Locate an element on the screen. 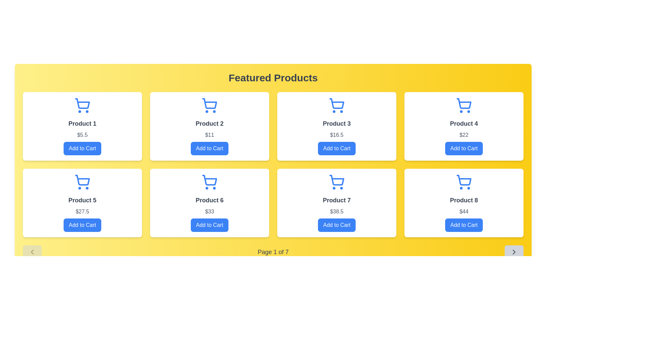 This screenshot has height=363, width=646. the blue shopping cart icon located at the top center of the 'Product 8' card in the 'Featured Products' section for information is located at coordinates (464, 180).